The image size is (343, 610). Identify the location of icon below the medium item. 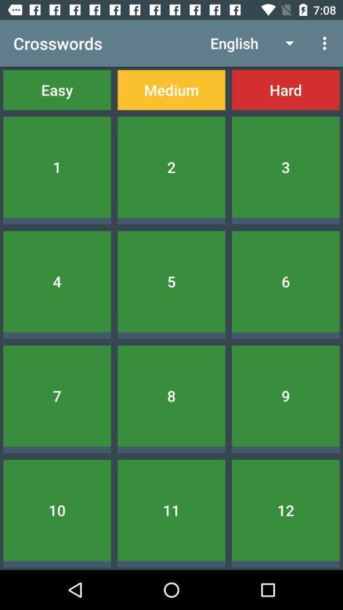
(171, 166).